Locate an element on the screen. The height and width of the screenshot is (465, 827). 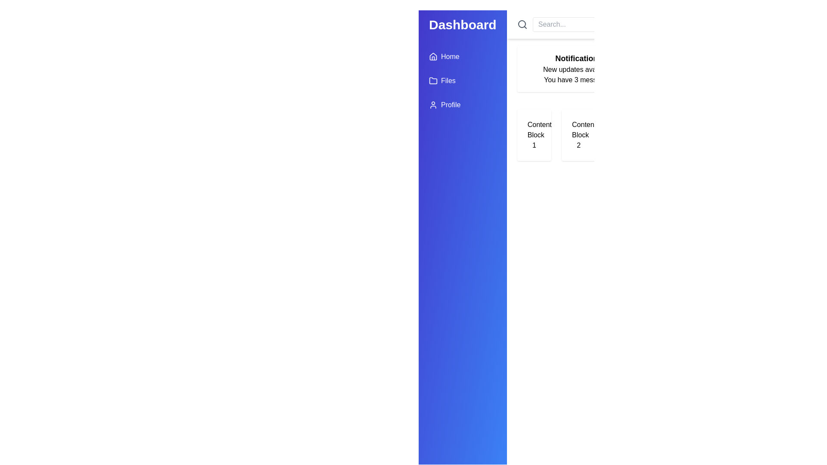
the house-shaped icon located in the sidebar's first item labeled 'Home' is located at coordinates (433, 56).